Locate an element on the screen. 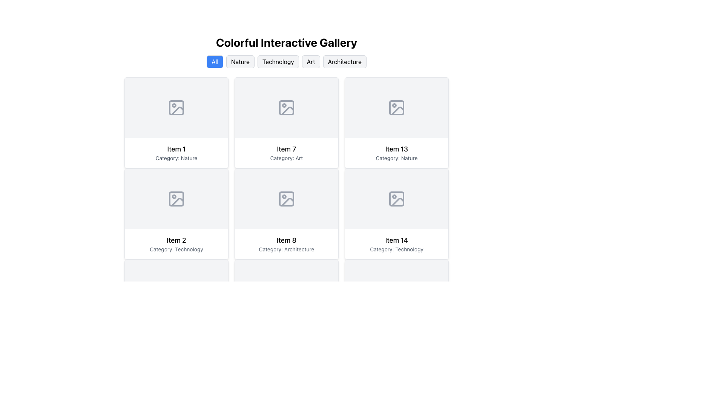 The height and width of the screenshot is (407, 724). the card labeled 'Item 13' in the gallery, which is the fifth card in the grid layout located in the top right of the visible grid portion is located at coordinates (396, 122).